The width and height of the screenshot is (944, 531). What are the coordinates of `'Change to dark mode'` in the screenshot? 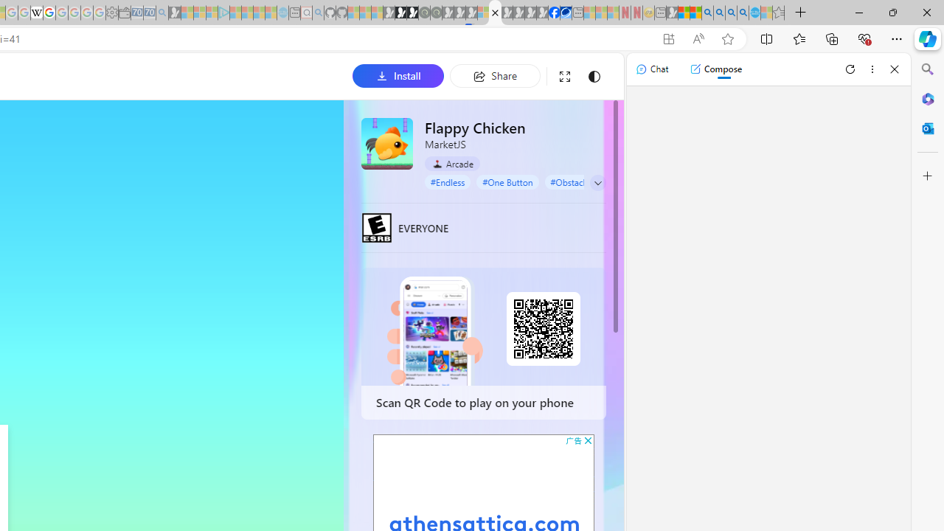 It's located at (594, 76).